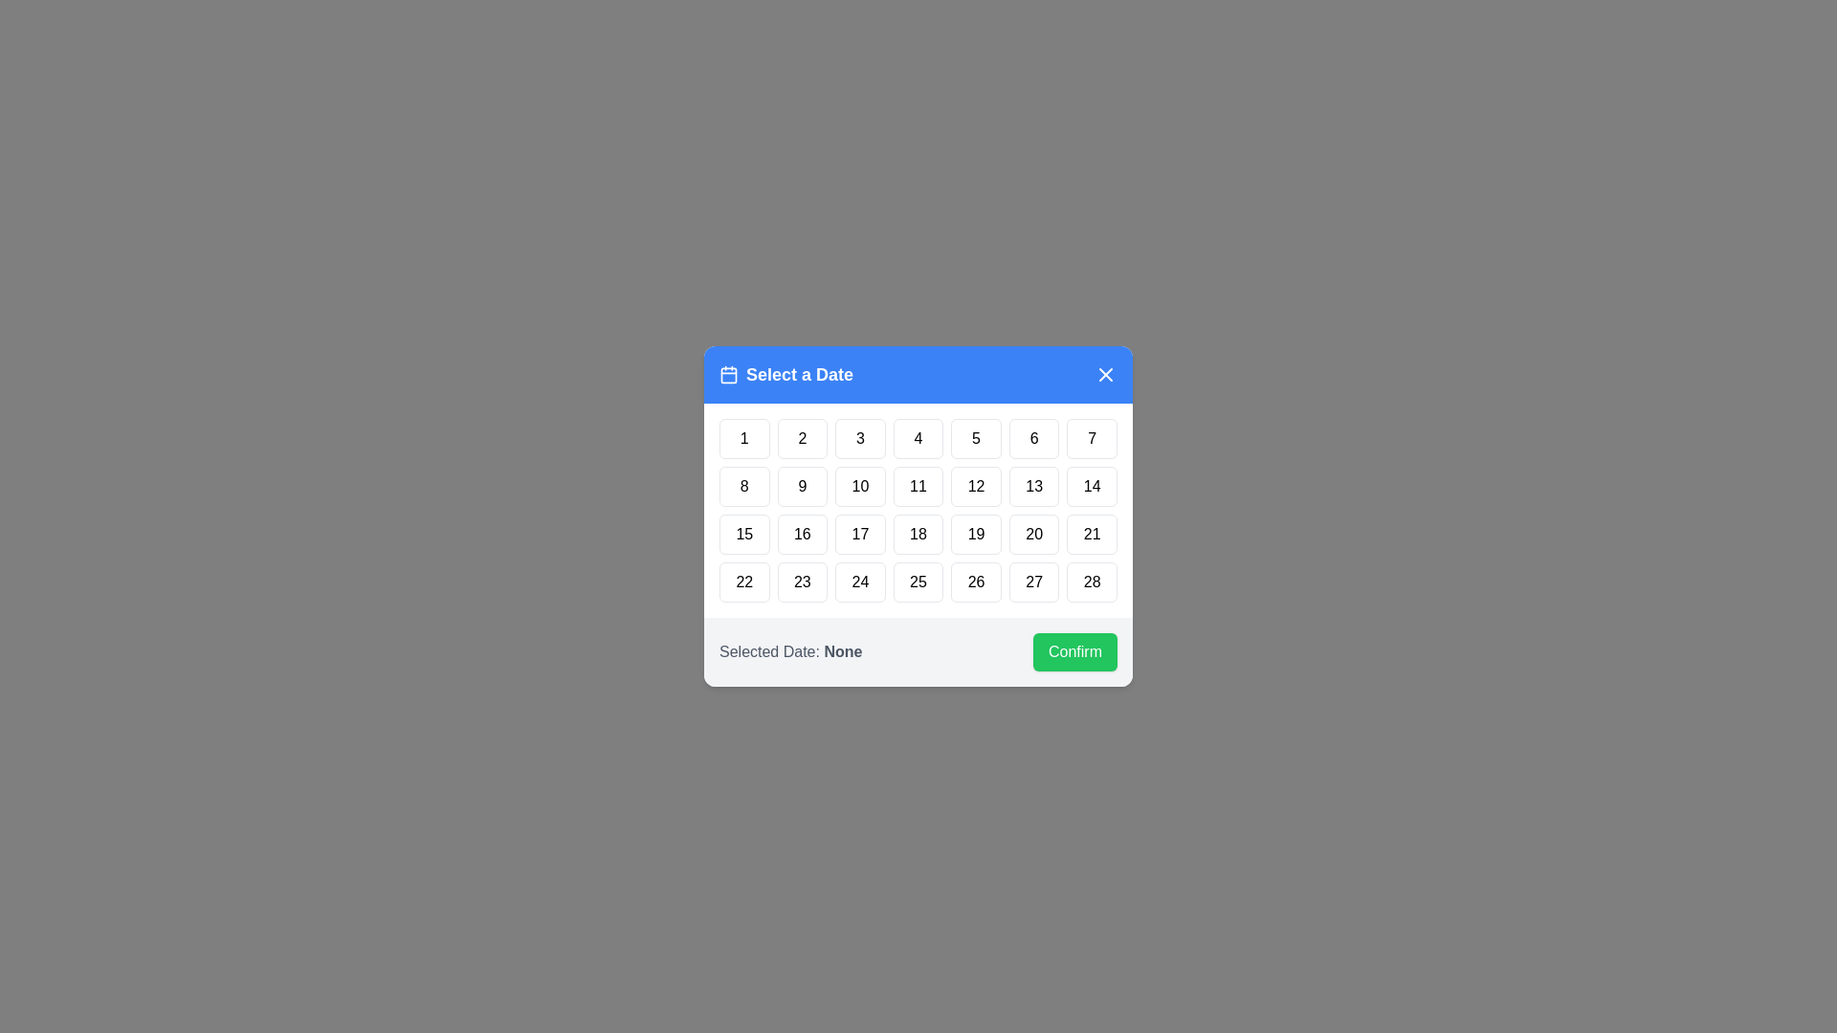 The height and width of the screenshot is (1033, 1837). What do you see at coordinates (918, 486) in the screenshot?
I see `the day button labeled 11 to highlight it` at bounding box center [918, 486].